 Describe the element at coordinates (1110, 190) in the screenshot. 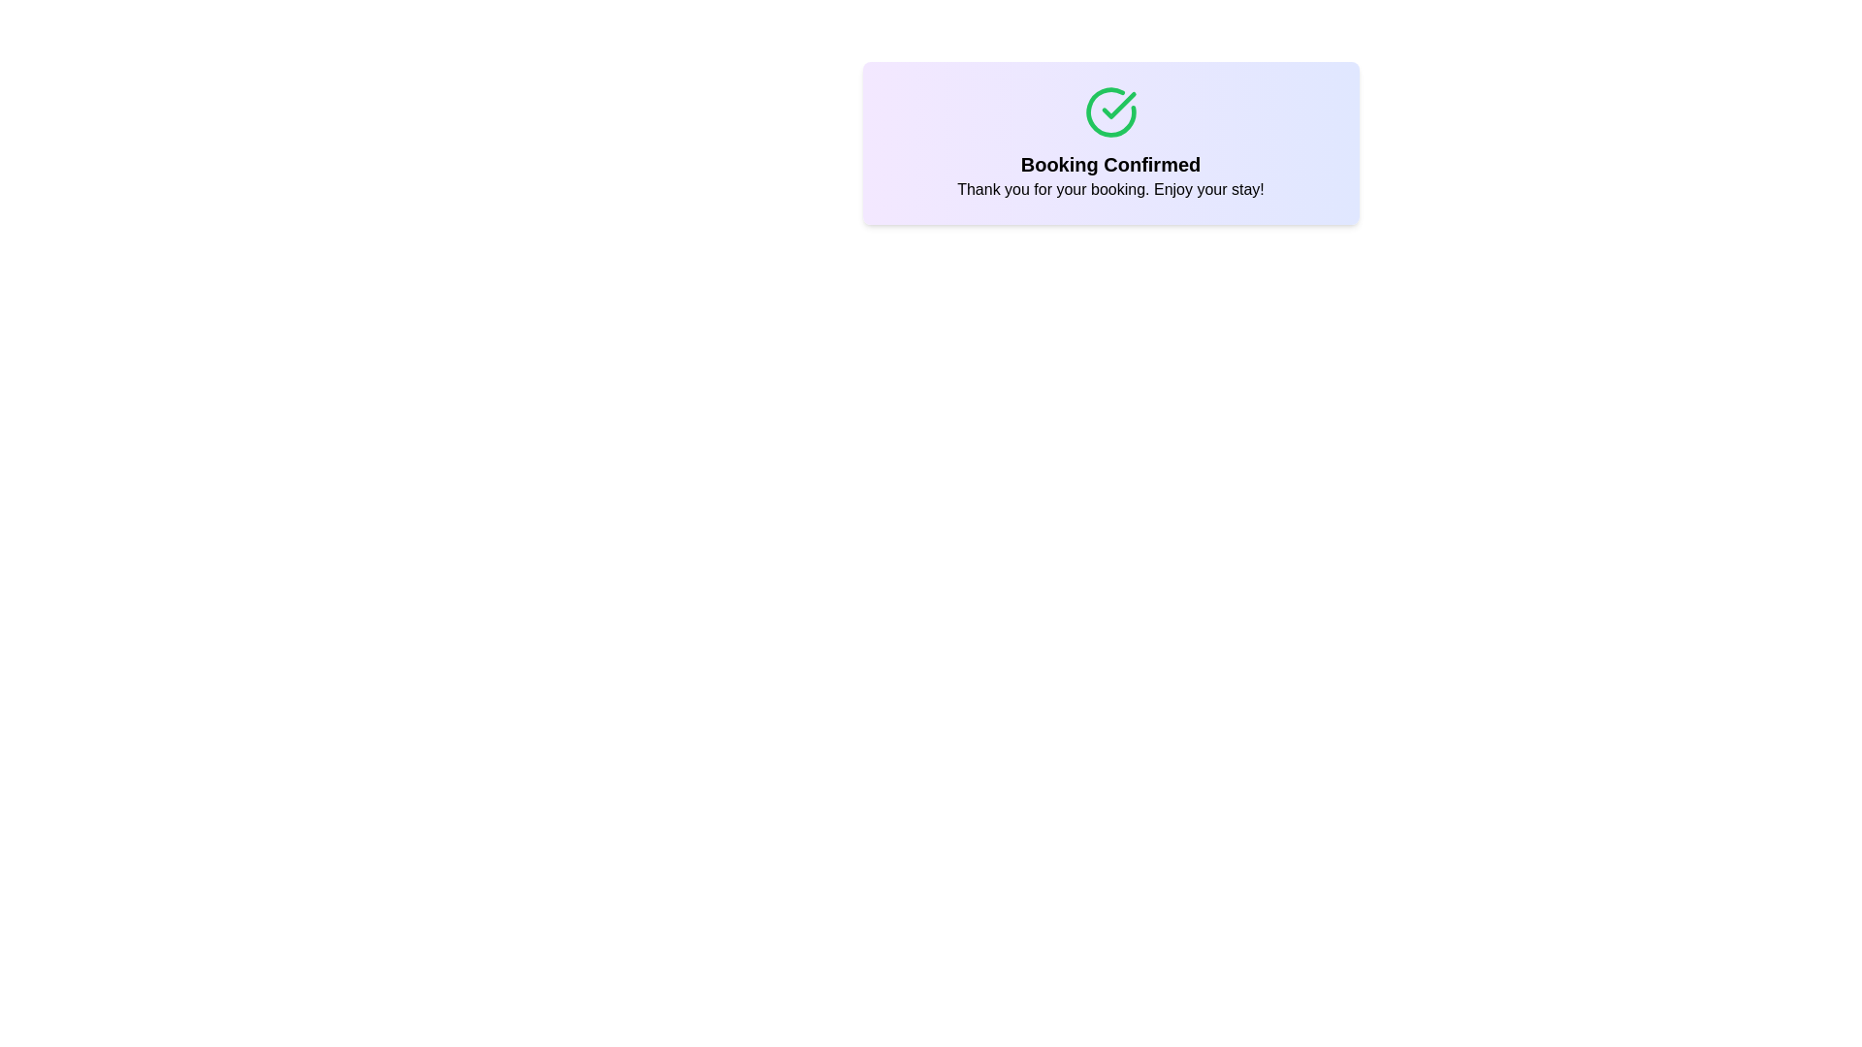

I see `confirmation message displayed as a Text Label below the 'Booking Confirmed' title` at that location.